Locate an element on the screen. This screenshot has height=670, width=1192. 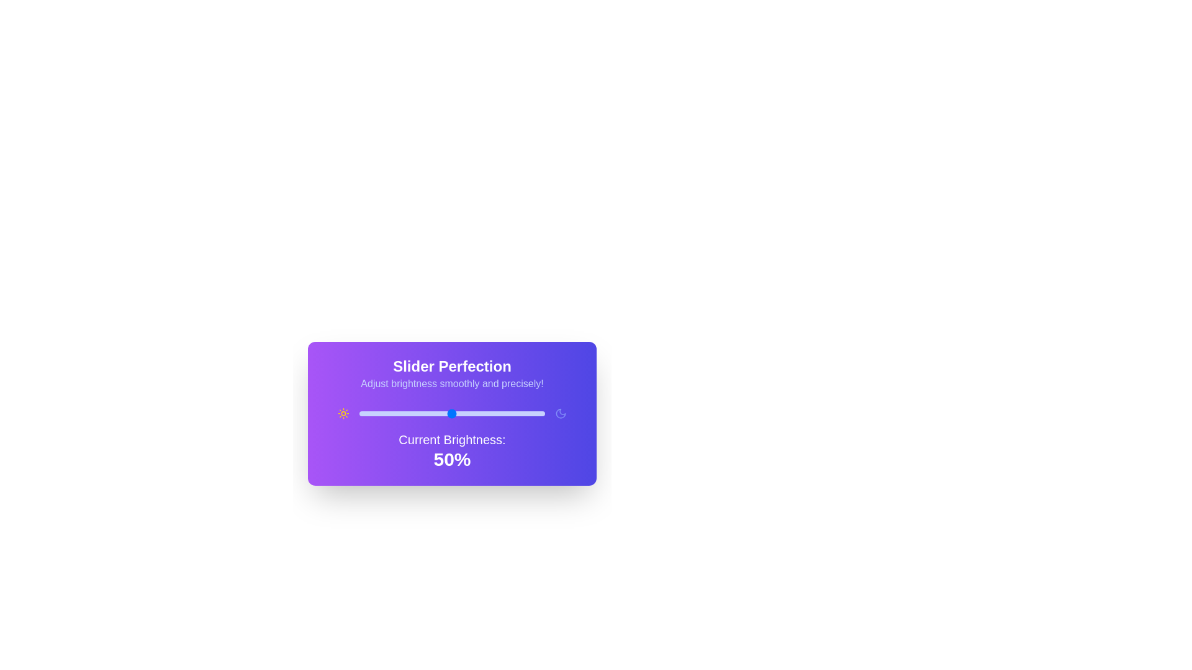
the text 'Current Brightness: 50%' to select it is located at coordinates (451, 450).